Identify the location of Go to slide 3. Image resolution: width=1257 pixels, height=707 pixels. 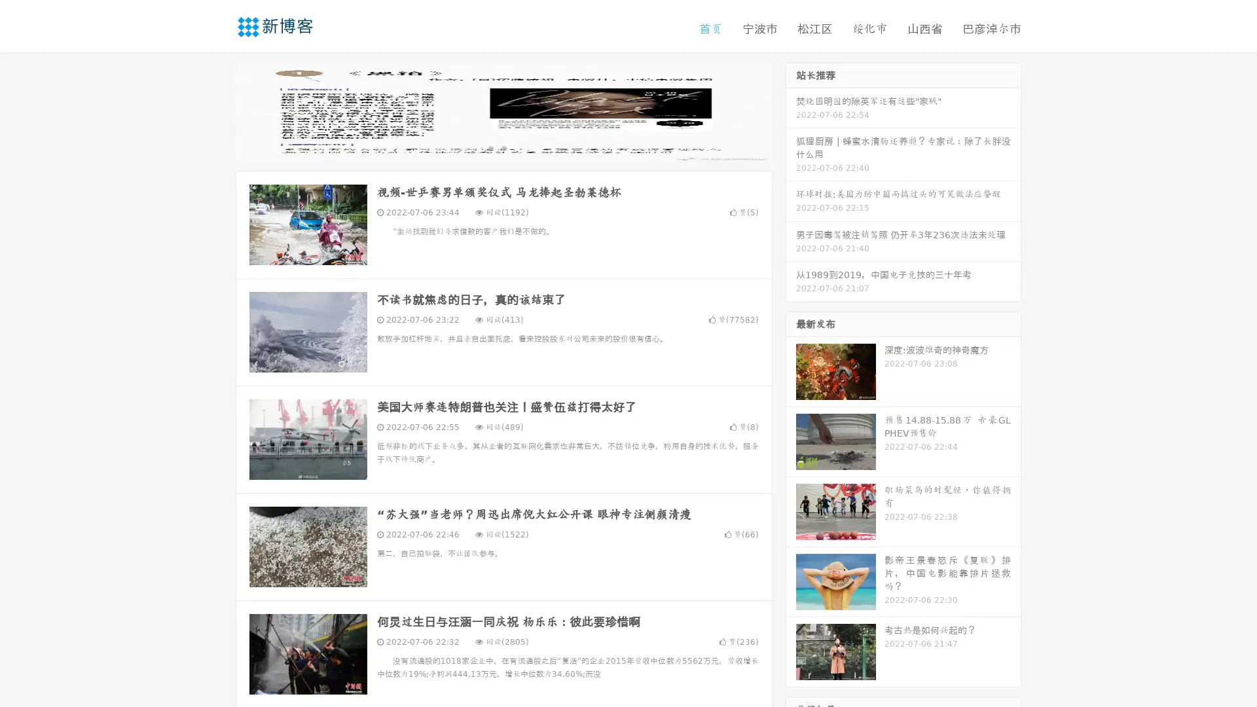
(517, 147).